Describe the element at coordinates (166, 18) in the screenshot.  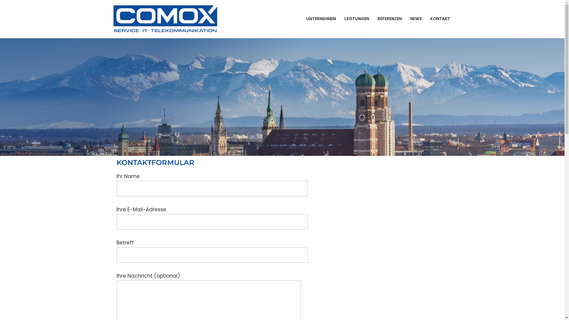
I see `'Comox Business GmbH & Co KG'` at that location.